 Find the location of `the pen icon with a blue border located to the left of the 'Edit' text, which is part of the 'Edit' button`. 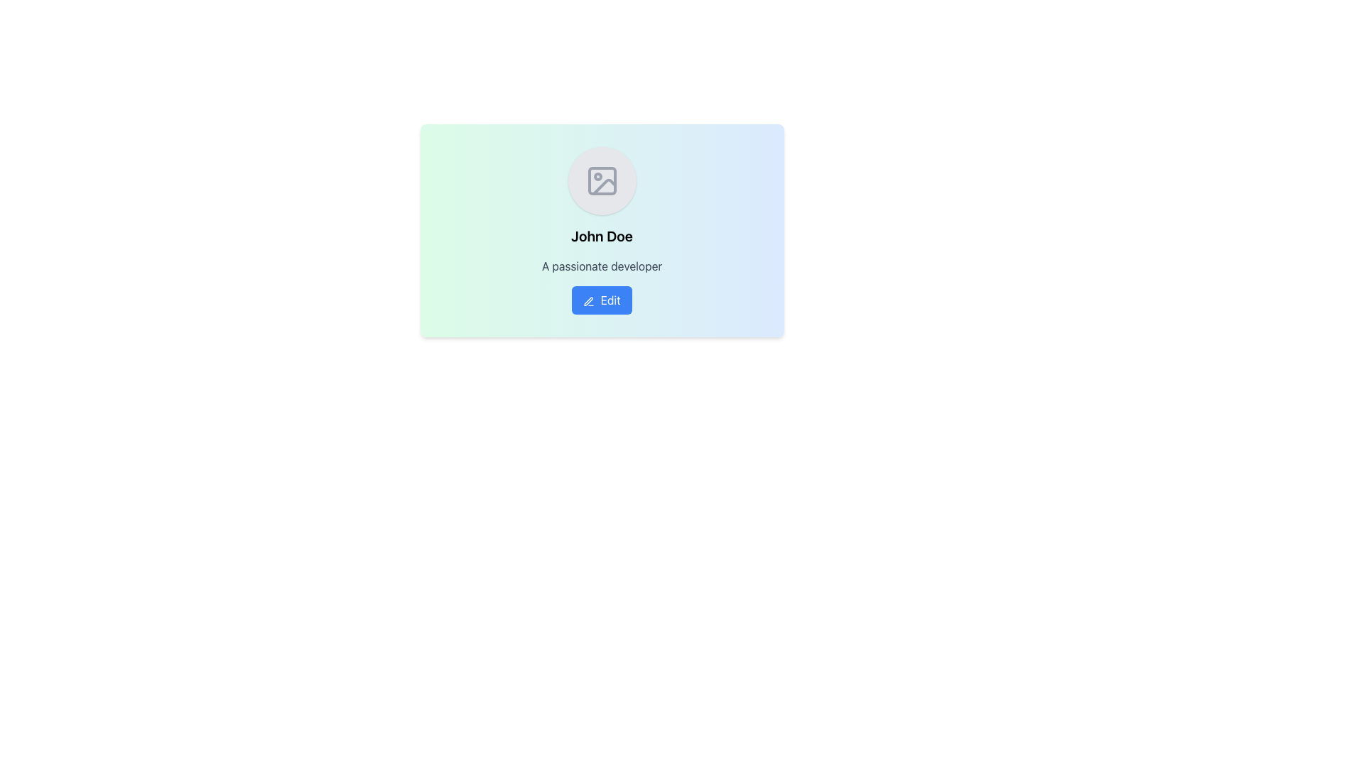

the pen icon with a blue border located to the left of the 'Edit' text, which is part of the 'Edit' button is located at coordinates (589, 300).